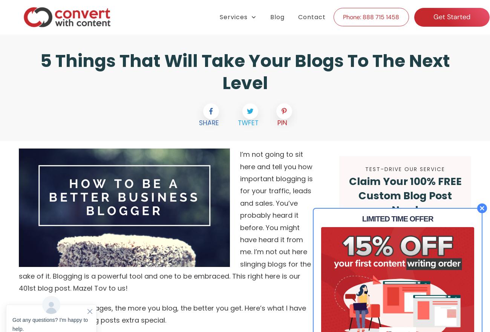  What do you see at coordinates (208, 122) in the screenshot?
I see `'Share'` at bounding box center [208, 122].